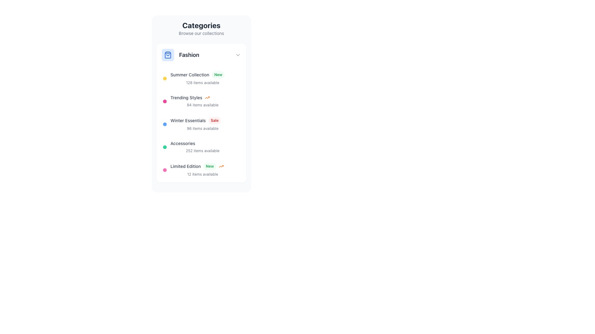 This screenshot has height=334, width=595. Describe the element at coordinates (210, 166) in the screenshot. I see `the 'New' label or badge located to the right of the 'Limited Edition' text in the 'Fashion' section, which visually indicates a recently added item` at that location.